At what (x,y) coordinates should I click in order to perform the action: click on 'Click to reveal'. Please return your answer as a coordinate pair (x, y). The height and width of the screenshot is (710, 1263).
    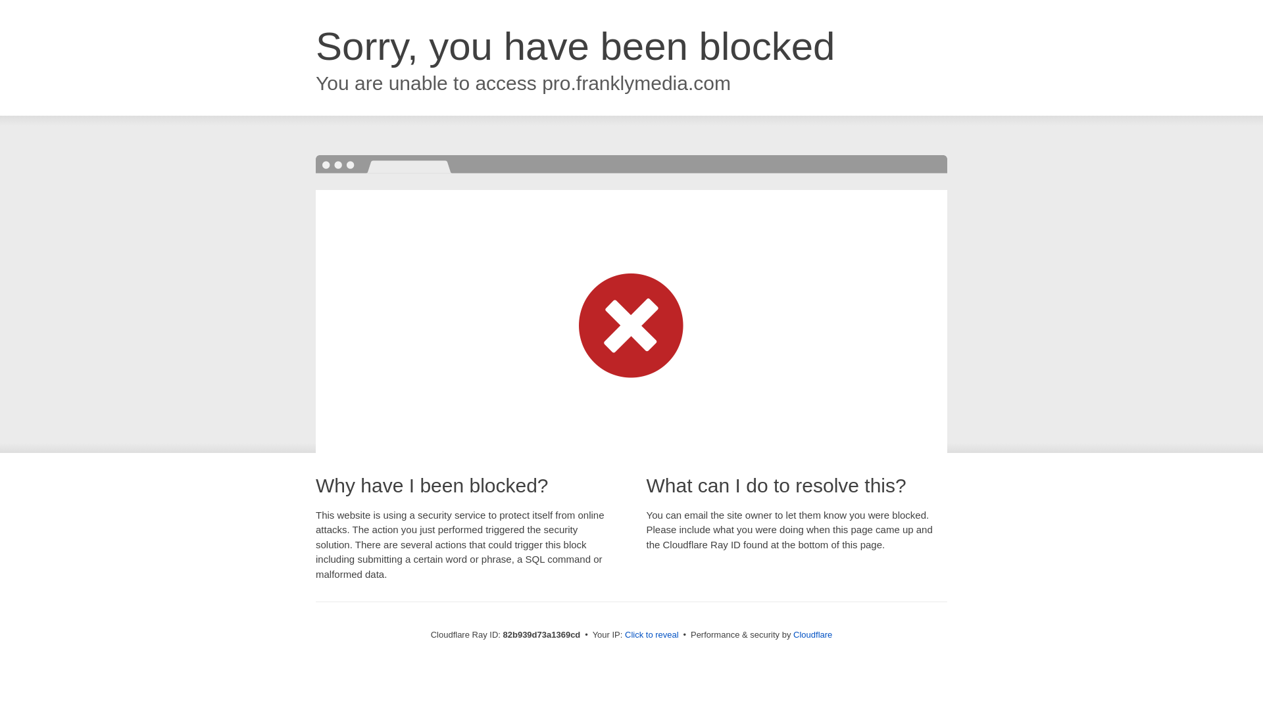
    Looking at the image, I should click on (651, 634).